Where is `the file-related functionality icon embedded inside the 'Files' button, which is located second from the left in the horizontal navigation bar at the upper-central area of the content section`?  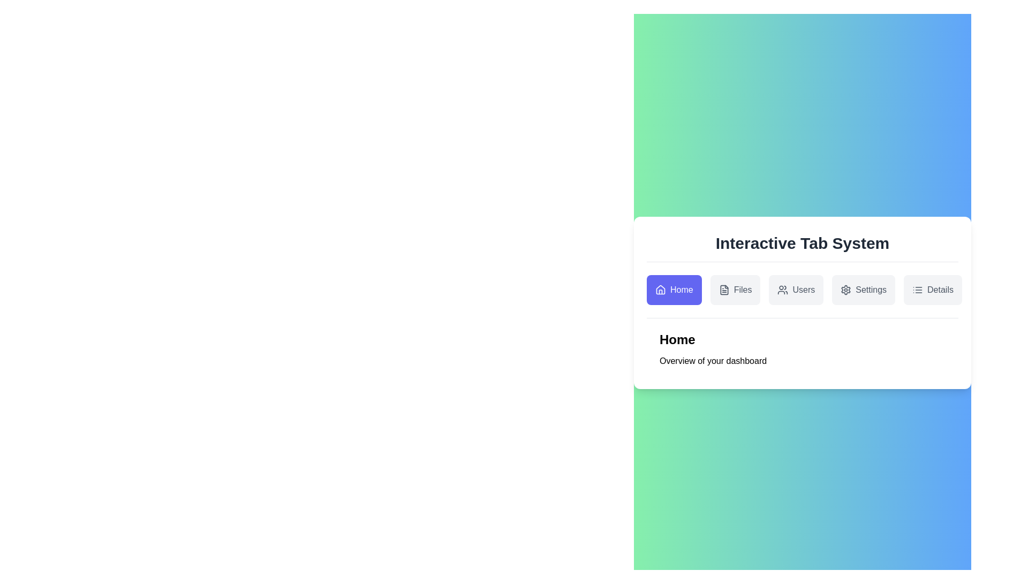 the file-related functionality icon embedded inside the 'Files' button, which is located second from the left in the horizontal navigation bar at the upper-central area of the content section is located at coordinates (724, 290).